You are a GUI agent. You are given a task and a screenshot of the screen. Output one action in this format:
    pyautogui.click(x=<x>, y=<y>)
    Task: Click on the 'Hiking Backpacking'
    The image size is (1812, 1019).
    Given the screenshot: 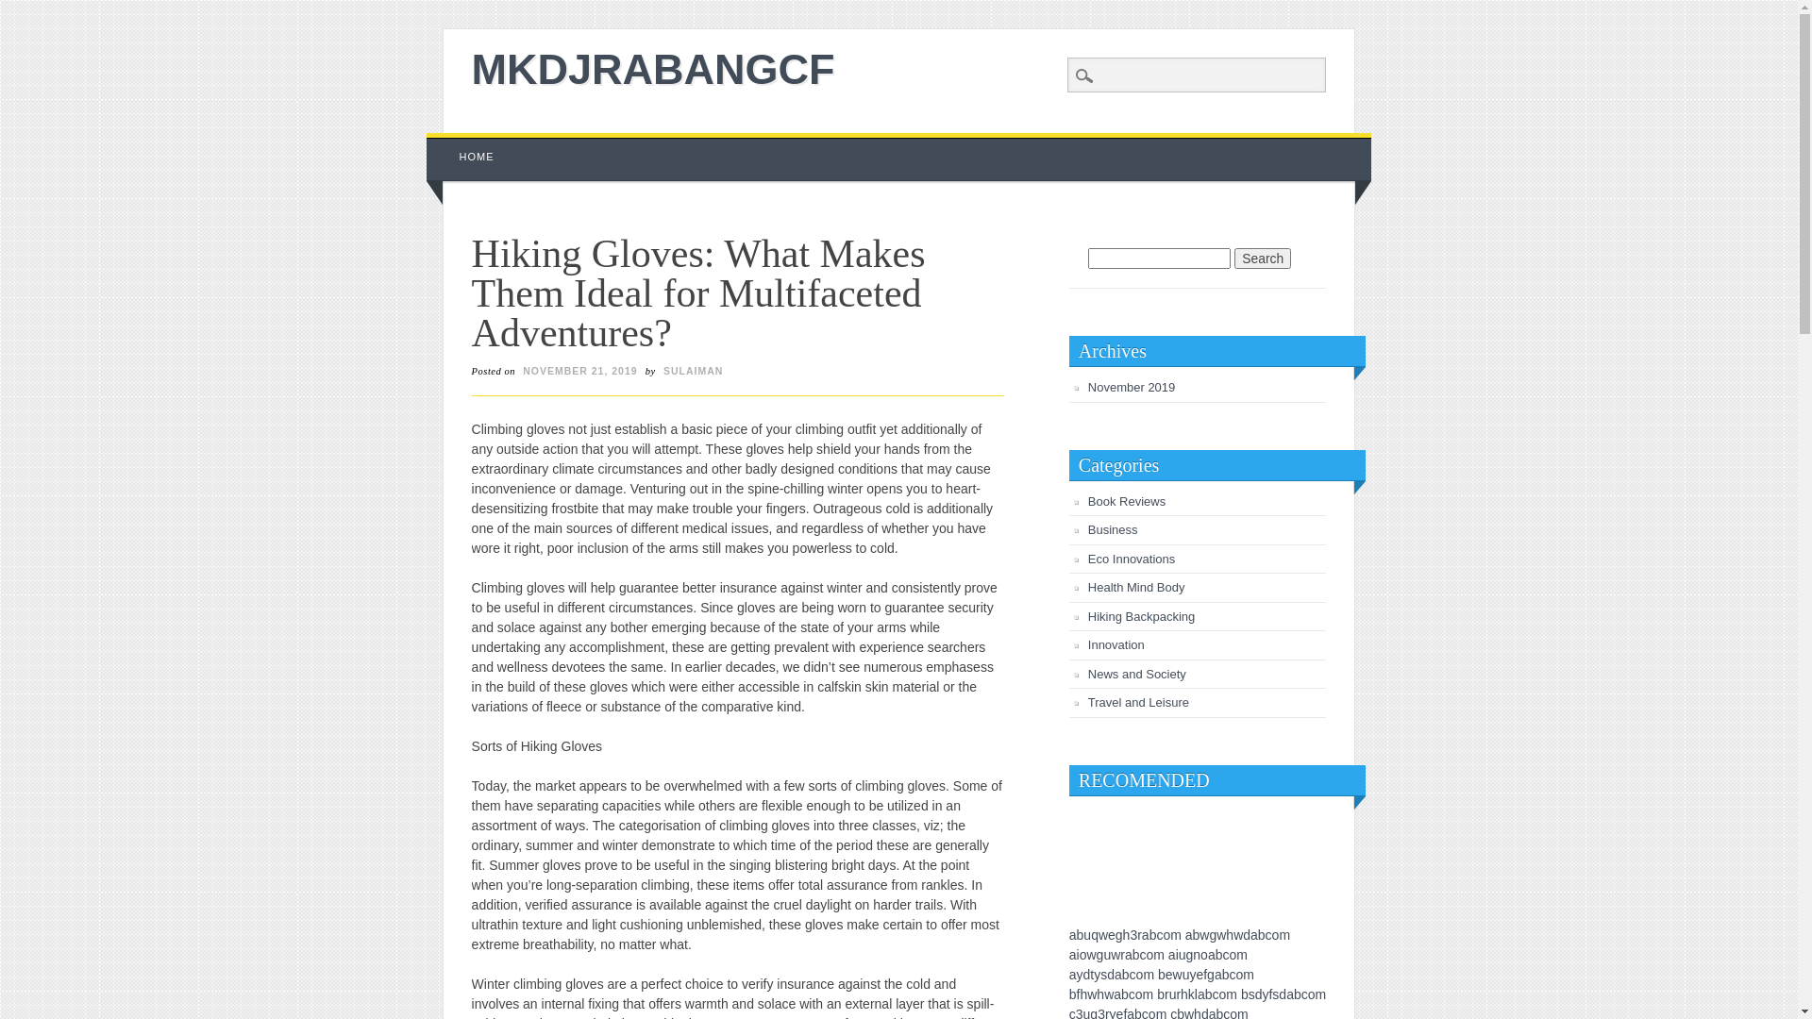 What is the action you would take?
    pyautogui.click(x=1087, y=616)
    